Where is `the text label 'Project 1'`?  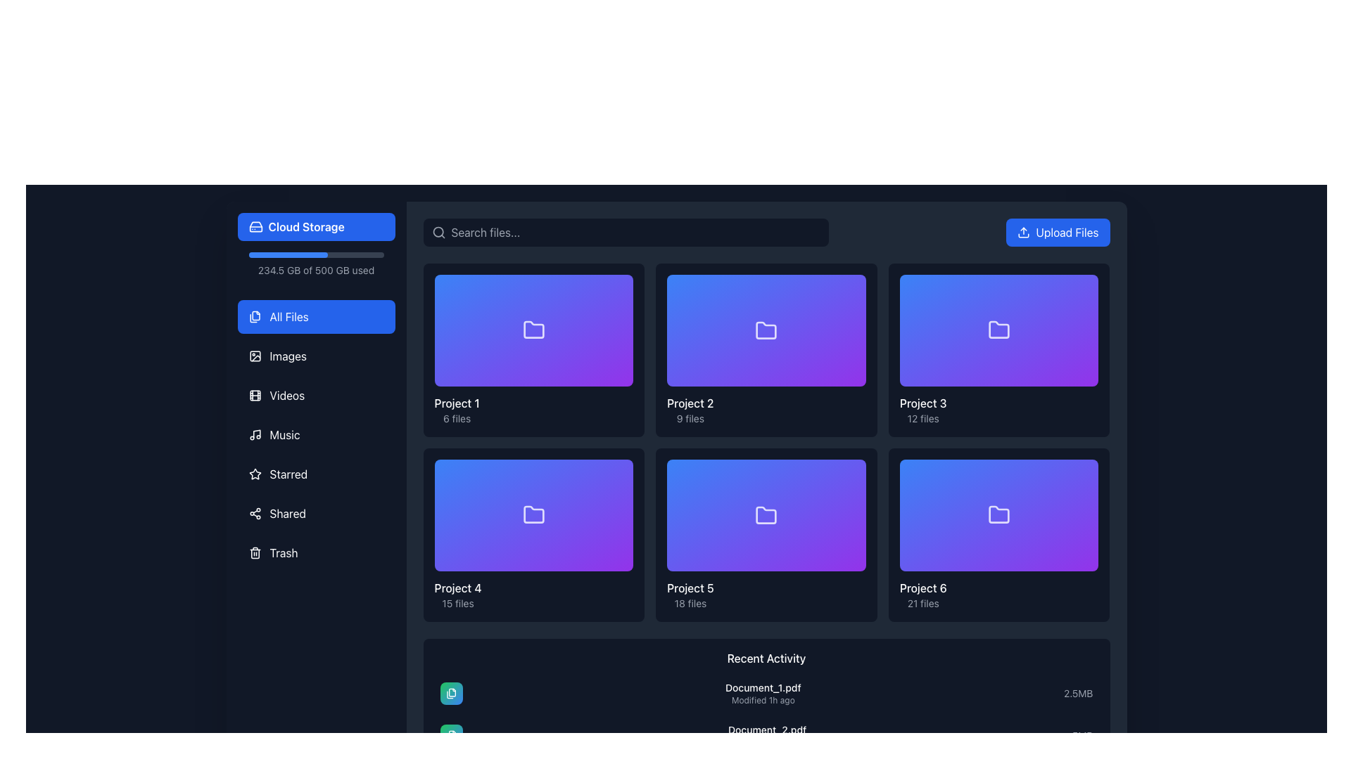 the text label 'Project 1' is located at coordinates (457, 403).